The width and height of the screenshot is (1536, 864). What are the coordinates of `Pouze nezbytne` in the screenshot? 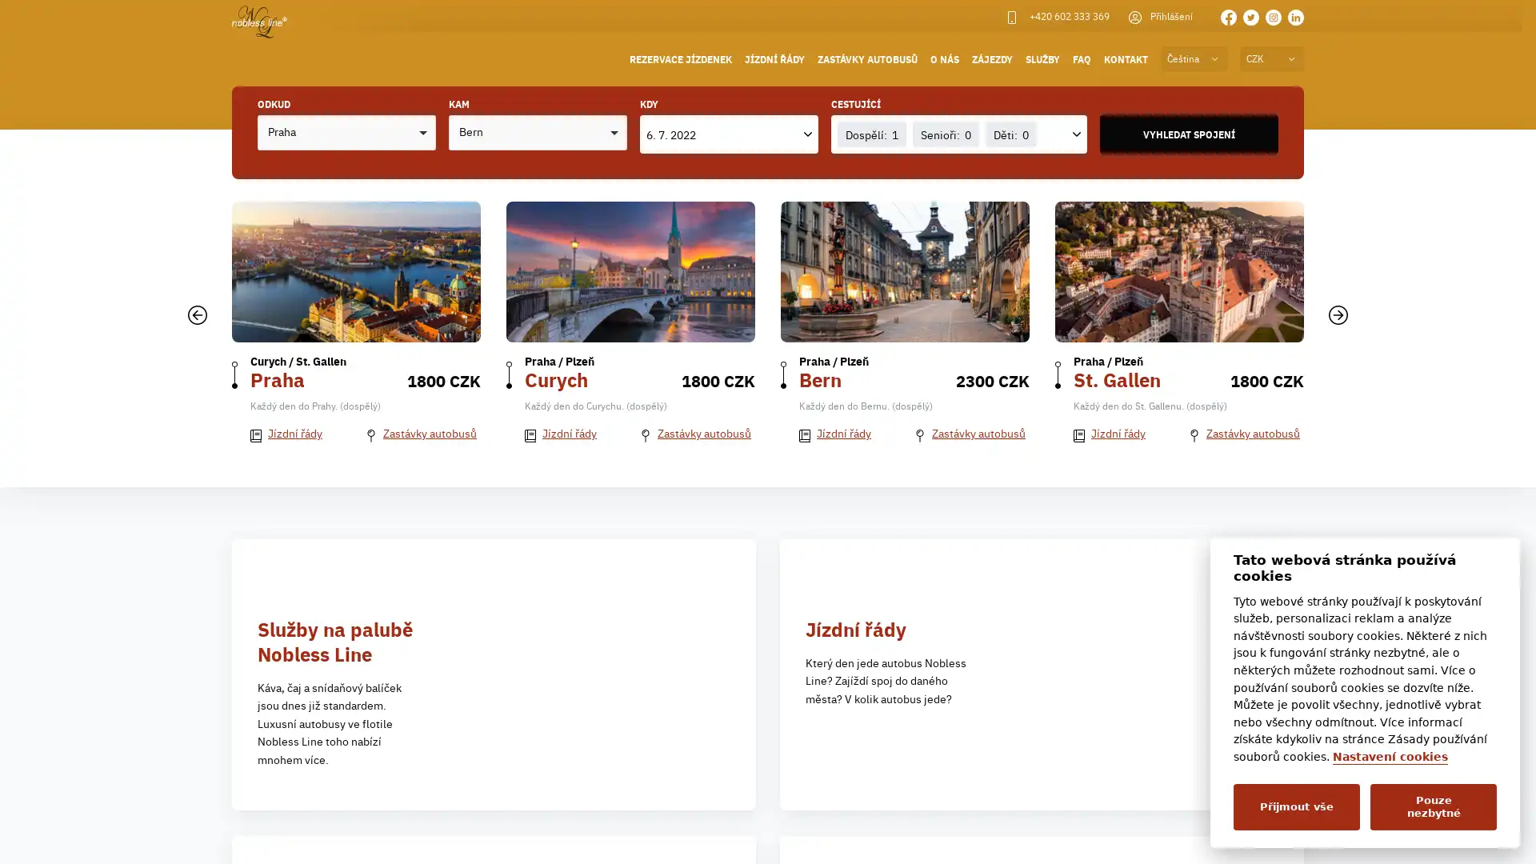 It's located at (1433, 806).